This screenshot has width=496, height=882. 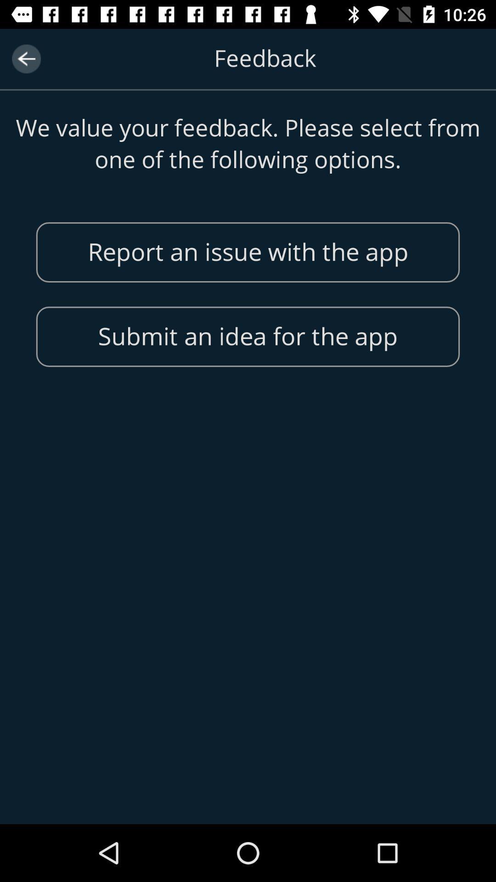 What do you see at coordinates (26, 58) in the screenshot?
I see `the arrow_backward icon` at bounding box center [26, 58].